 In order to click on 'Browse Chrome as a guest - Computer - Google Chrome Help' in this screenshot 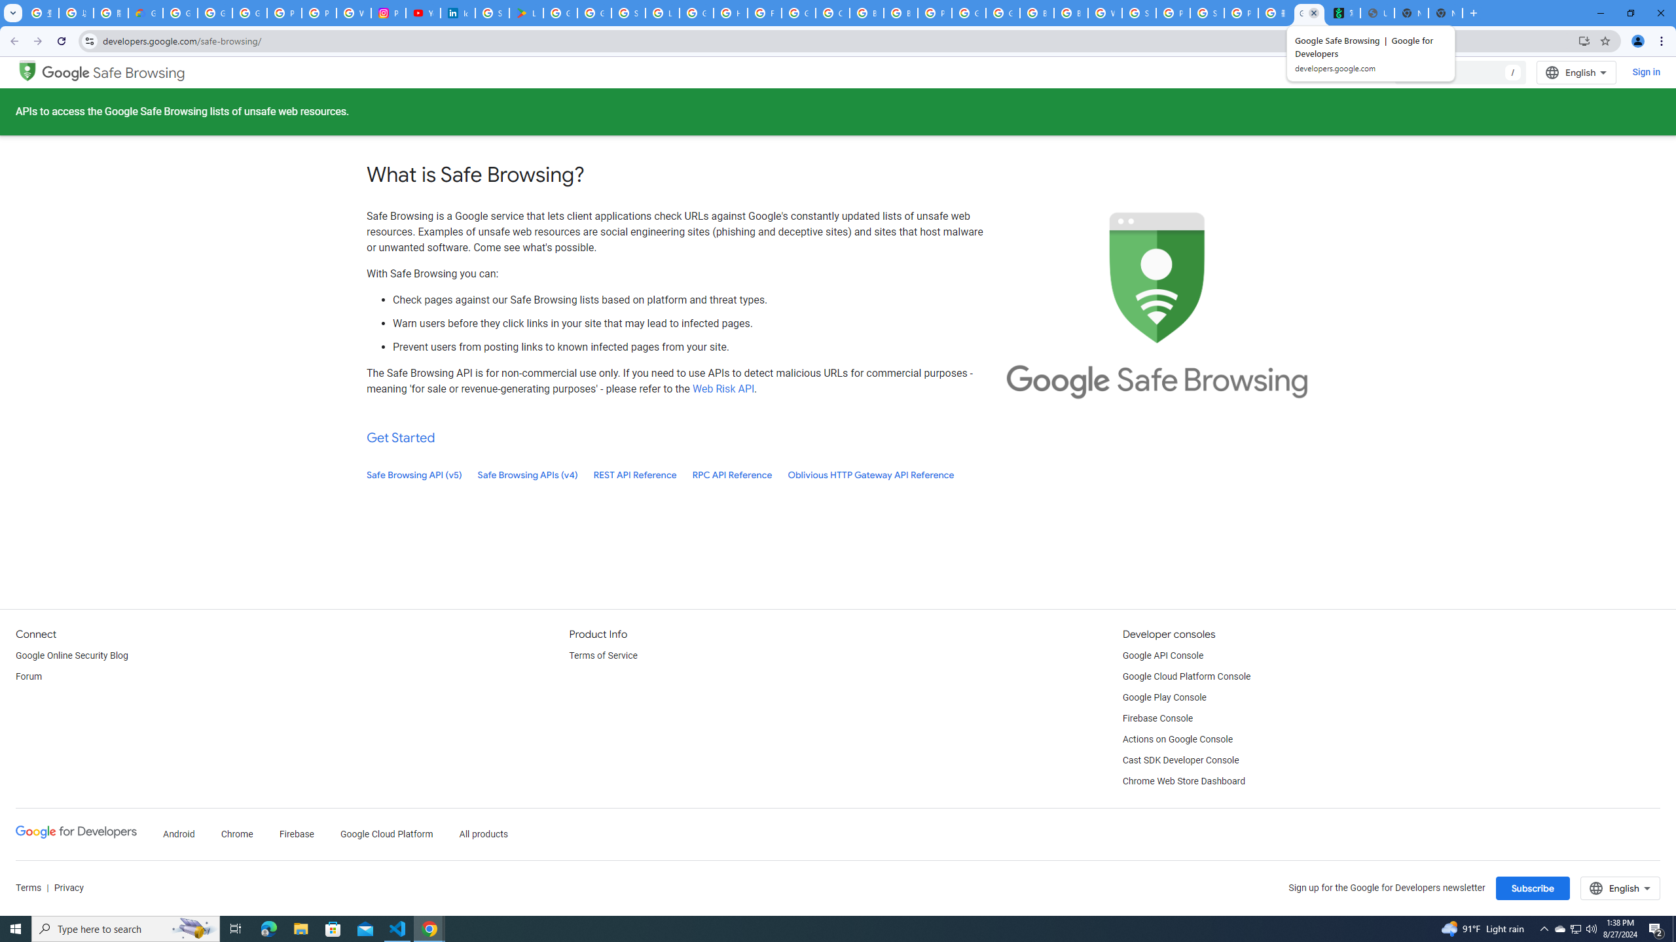, I will do `click(1036, 12)`.